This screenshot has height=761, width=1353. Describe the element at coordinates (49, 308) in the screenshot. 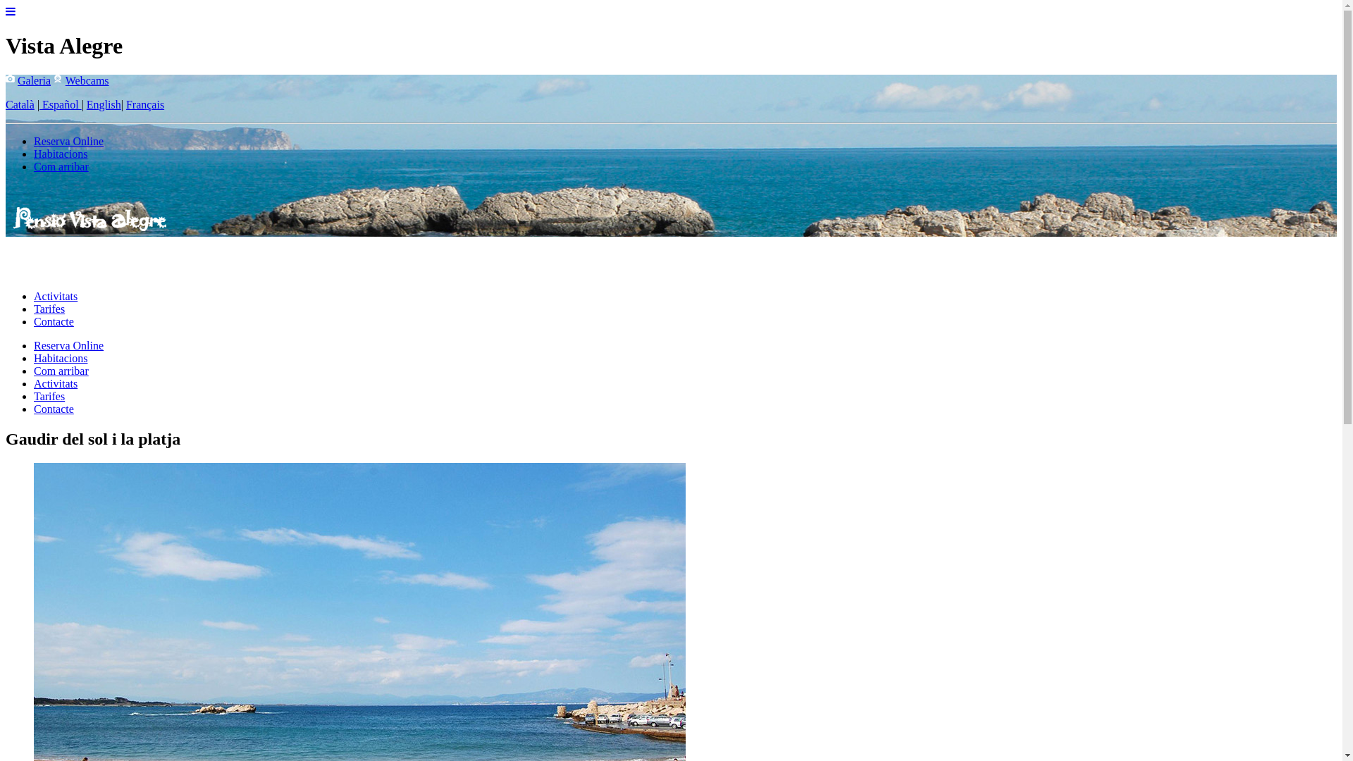

I see `'Tarifes'` at that location.